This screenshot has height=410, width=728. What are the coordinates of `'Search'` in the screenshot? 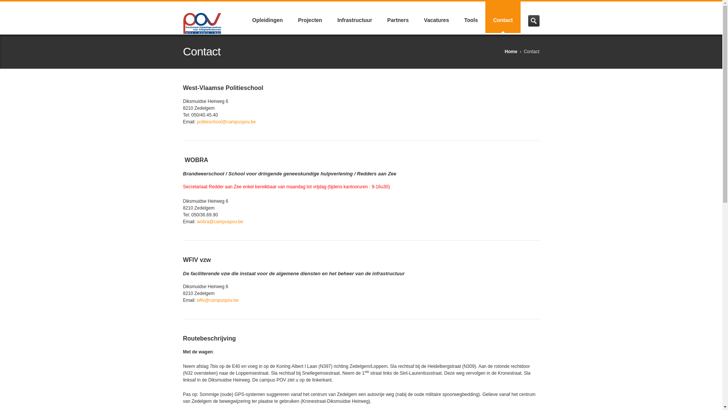 It's located at (533, 20).